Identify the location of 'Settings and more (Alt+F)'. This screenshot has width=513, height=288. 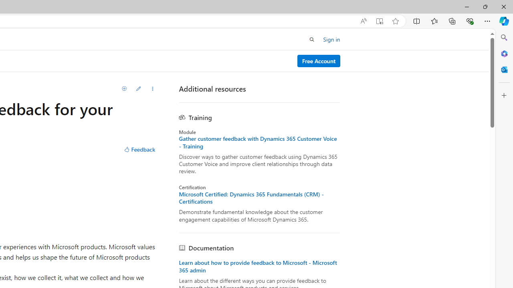
(487, 20).